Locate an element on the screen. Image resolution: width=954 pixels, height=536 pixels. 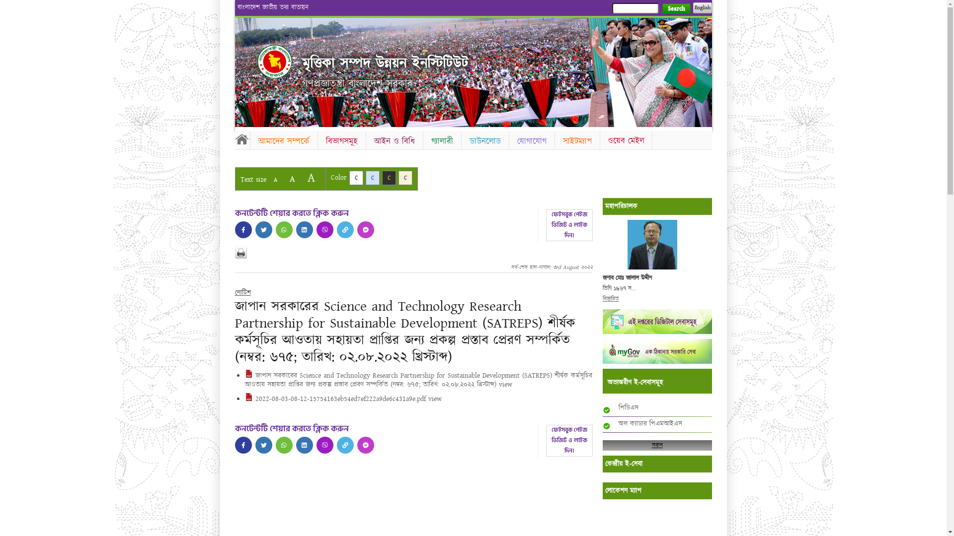
'C' is located at coordinates (355, 177).